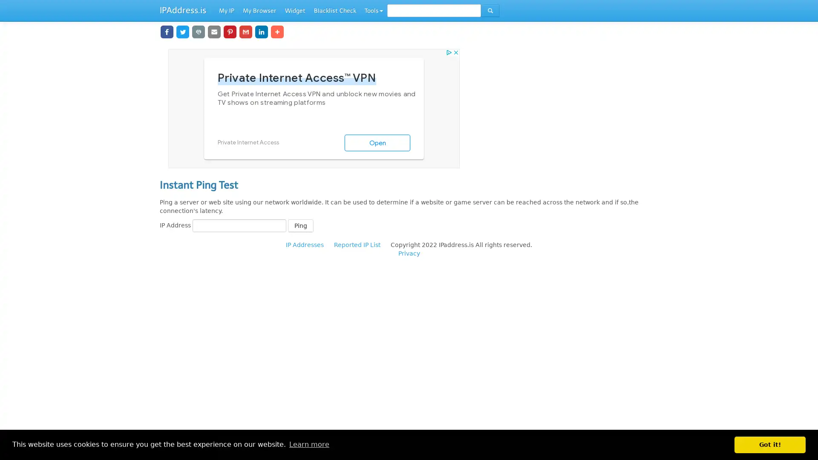  Describe the element at coordinates (770, 444) in the screenshot. I see `dismiss cookie message` at that location.